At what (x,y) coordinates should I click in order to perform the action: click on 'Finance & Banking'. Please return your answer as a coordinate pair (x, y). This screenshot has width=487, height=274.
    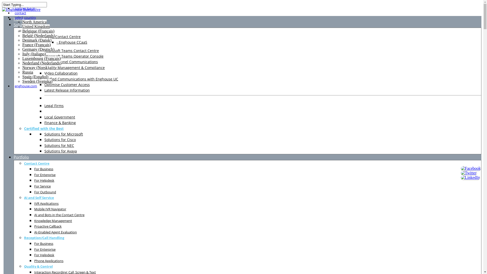
    Looking at the image, I should click on (60, 123).